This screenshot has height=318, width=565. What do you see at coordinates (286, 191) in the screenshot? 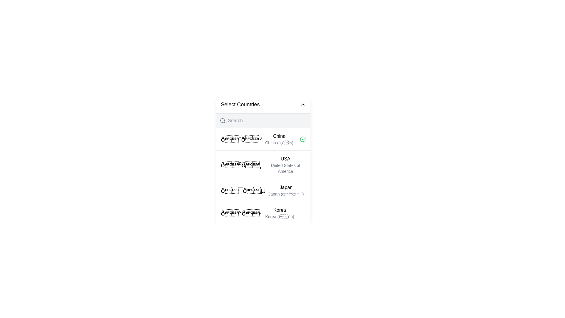
I see `the static text component displaying the country name 'Japan', which is located in the third row of a vertical list of countries, positioned below 'USA' and above 'Korea'` at bounding box center [286, 191].